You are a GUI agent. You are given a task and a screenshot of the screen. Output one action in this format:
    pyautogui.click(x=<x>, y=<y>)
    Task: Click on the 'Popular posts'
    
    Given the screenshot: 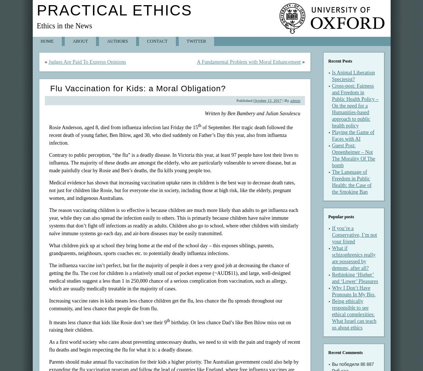 What is the action you would take?
    pyautogui.click(x=341, y=216)
    